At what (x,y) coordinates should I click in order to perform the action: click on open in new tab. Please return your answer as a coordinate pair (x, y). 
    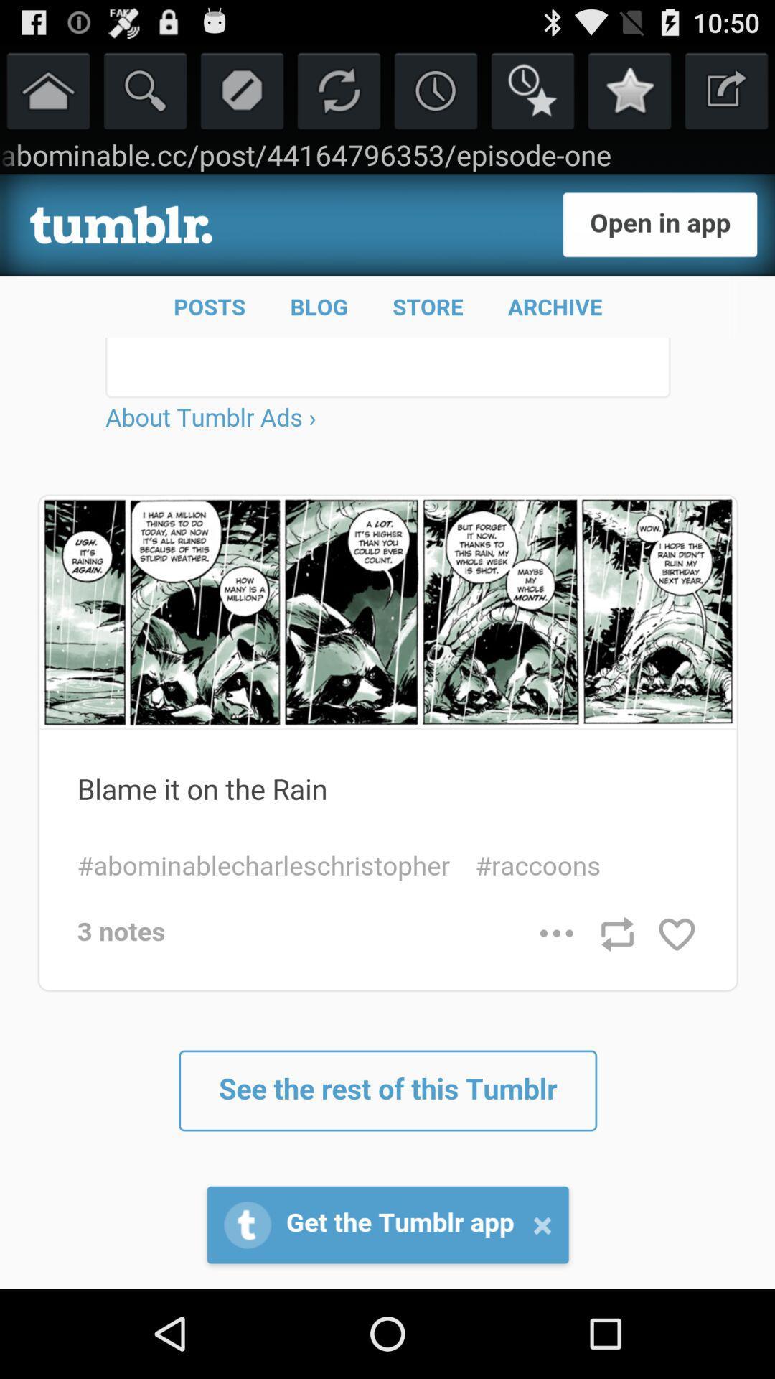
    Looking at the image, I should click on (726, 89).